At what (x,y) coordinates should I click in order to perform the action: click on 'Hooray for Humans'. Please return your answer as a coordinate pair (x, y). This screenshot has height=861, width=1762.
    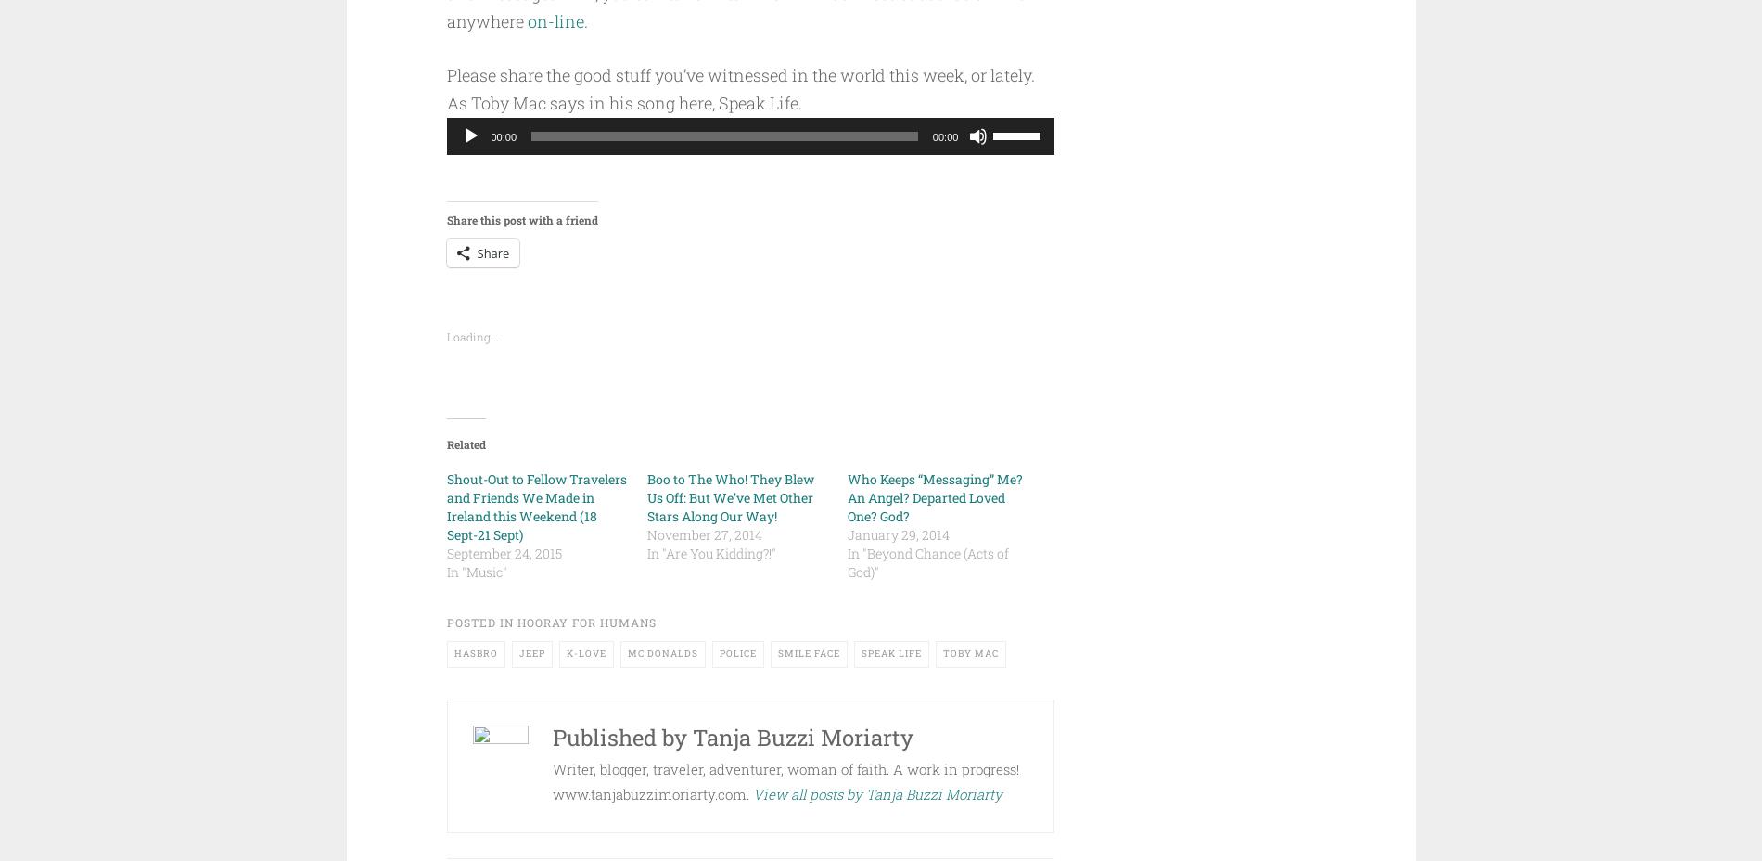
    Looking at the image, I should click on (517, 622).